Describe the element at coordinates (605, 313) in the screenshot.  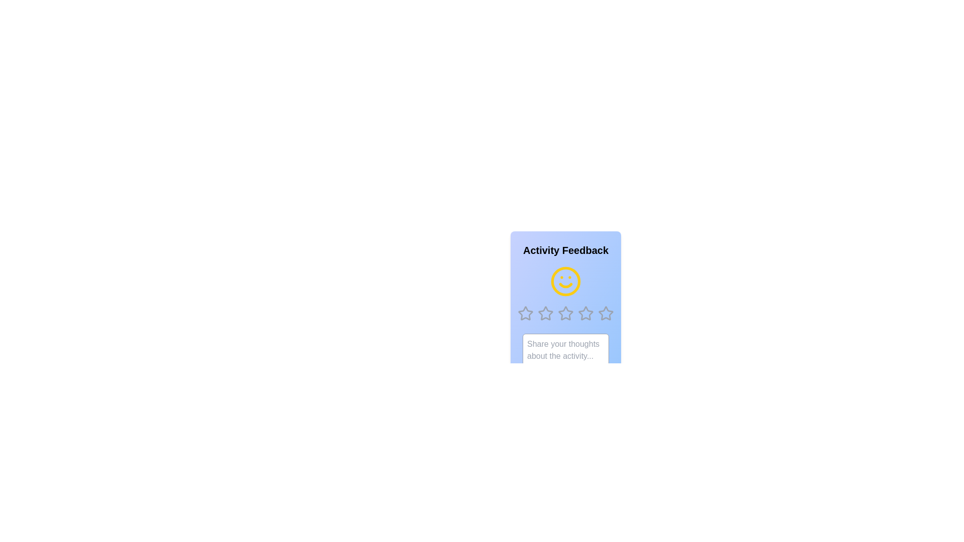
I see `the cursor over the fifth star icon in the horizontal array of rating stars` at that location.